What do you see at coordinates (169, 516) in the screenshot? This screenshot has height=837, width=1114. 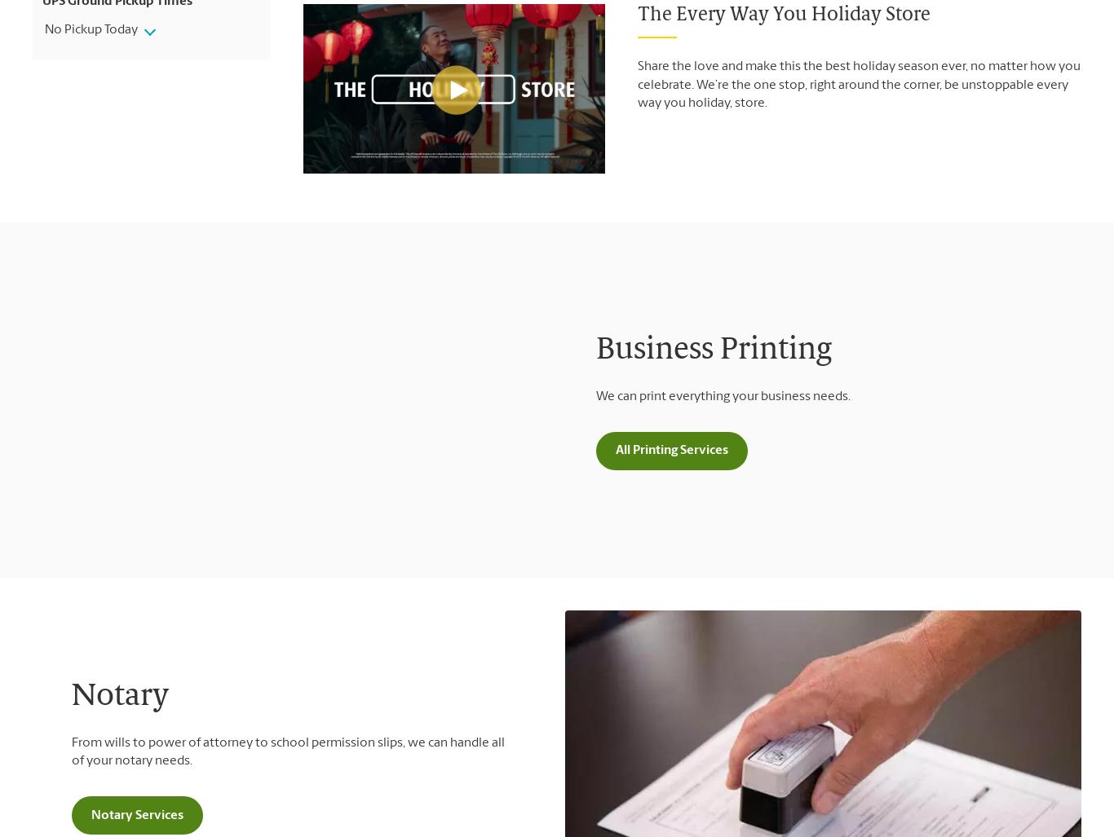 I see `'Join Our Mailing List'` at bounding box center [169, 516].